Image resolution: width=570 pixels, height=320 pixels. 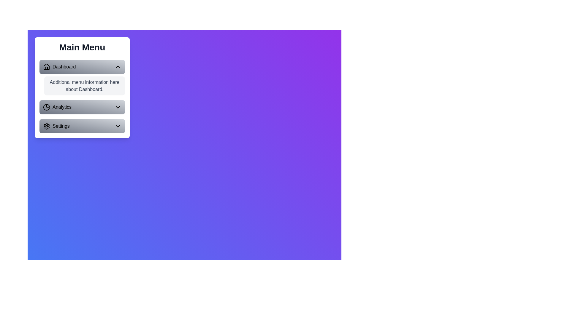 What do you see at coordinates (118, 107) in the screenshot?
I see `the icon at the far right of the 'Analytics' menu item` at bounding box center [118, 107].